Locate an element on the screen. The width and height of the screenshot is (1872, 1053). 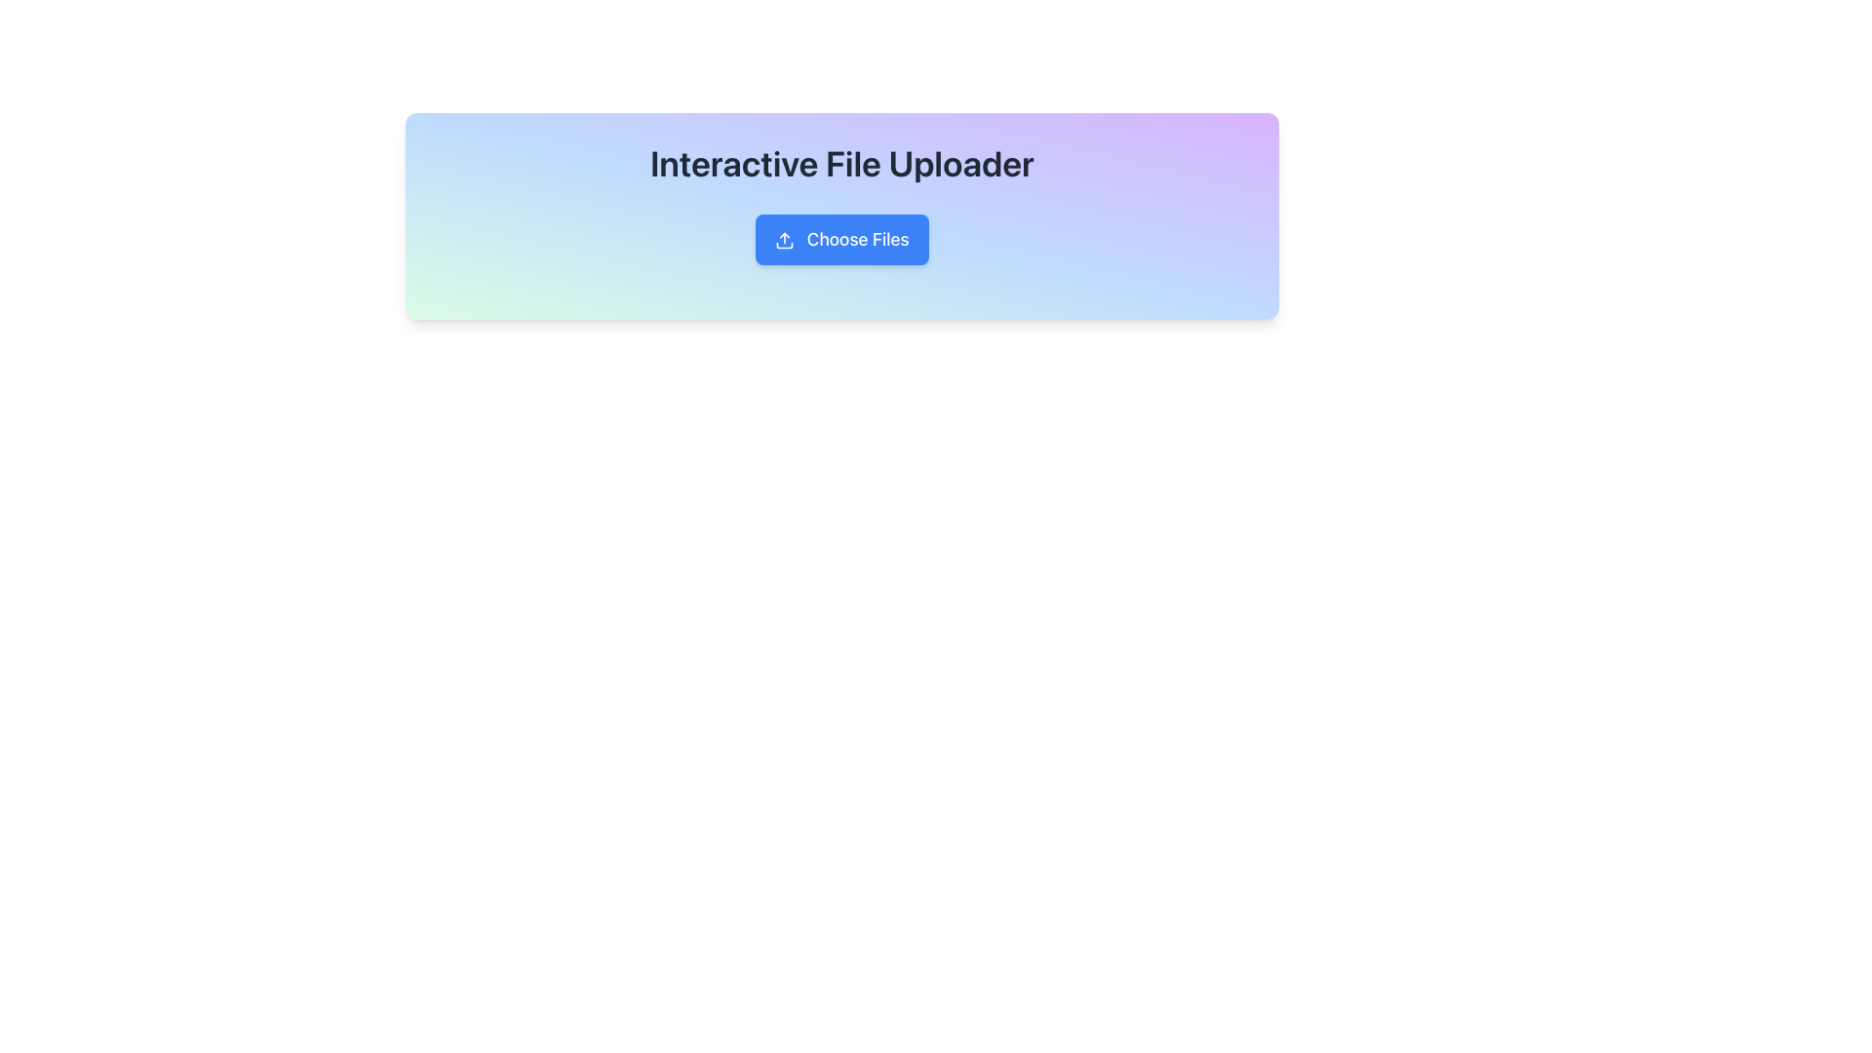
the 'upload' icon located within the 'Choose Files' button as a visual indicator is located at coordinates (785, 240).